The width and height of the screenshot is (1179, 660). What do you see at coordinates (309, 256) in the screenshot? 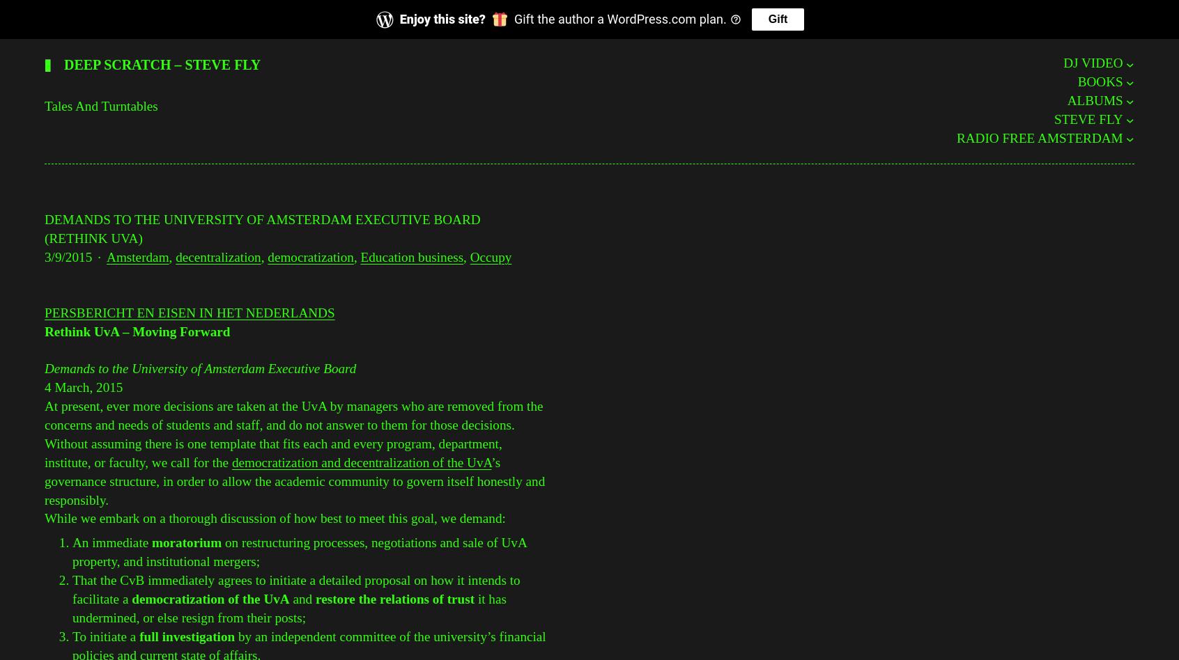
I see `'democratization'` at bounding box center [309, 256].